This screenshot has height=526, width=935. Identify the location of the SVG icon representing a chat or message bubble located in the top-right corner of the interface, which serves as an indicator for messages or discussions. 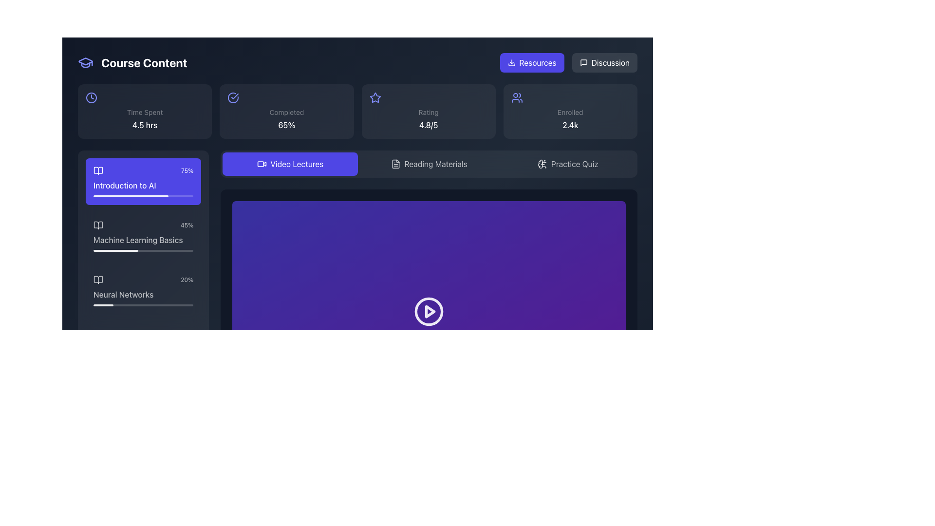
(583, 62).